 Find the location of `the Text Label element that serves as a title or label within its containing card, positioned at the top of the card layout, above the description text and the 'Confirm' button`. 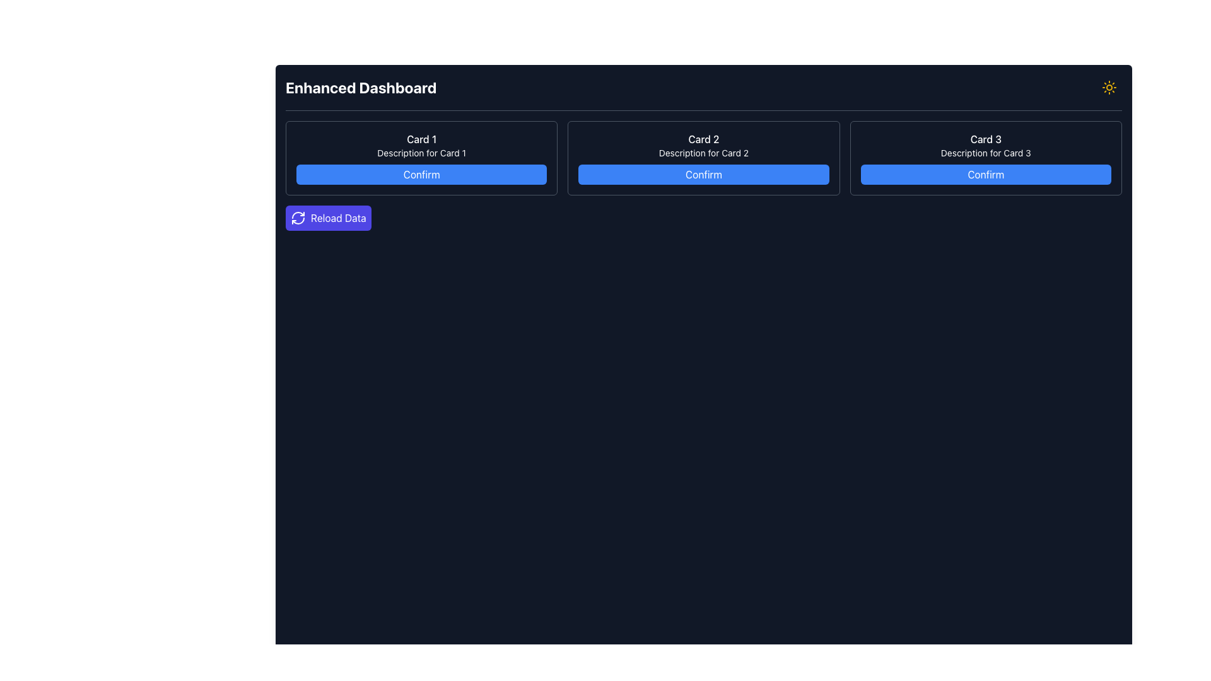

the Text Label element that serves as a title or label within its containing card, positioned at the top of the card layout, above the description text and the 'Confirm' button is located at coordinates (421, 139).